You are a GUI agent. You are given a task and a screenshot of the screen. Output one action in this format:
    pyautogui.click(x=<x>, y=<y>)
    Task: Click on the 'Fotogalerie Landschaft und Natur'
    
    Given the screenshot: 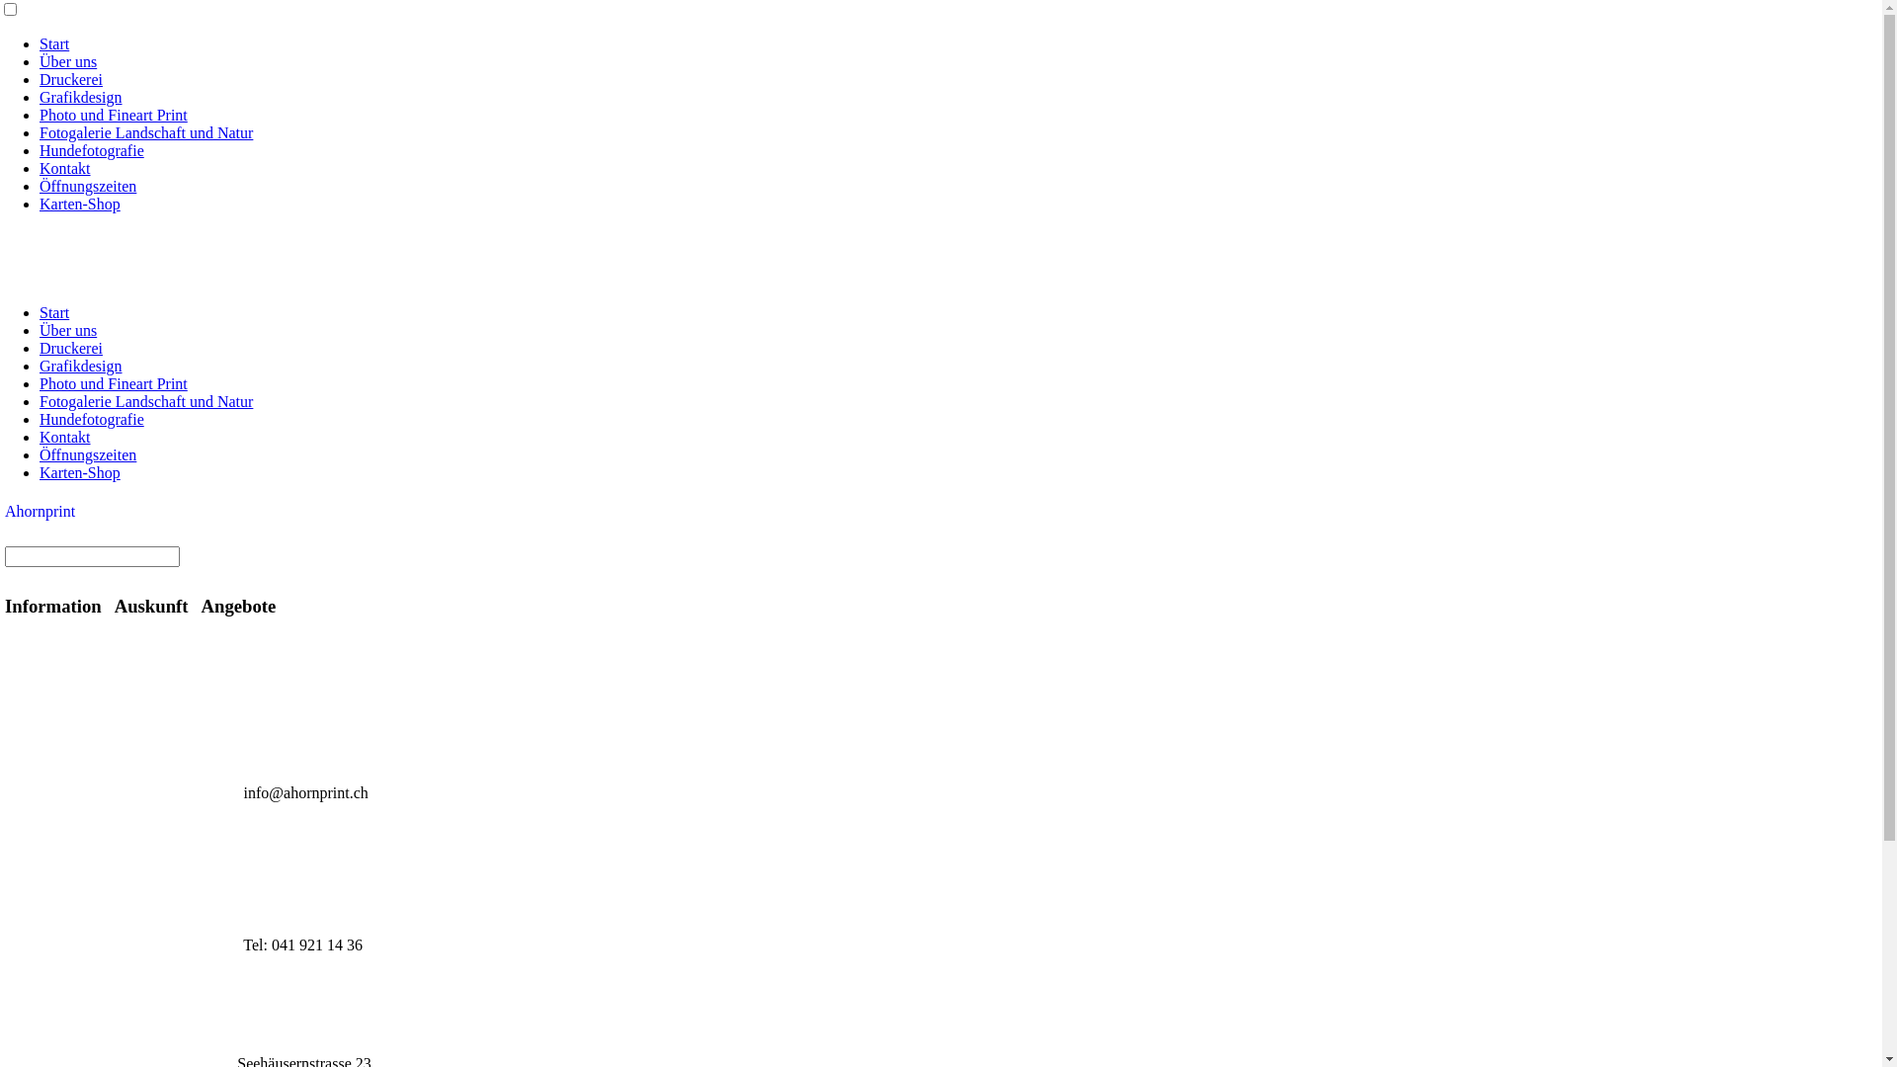 What is the action you would take?
    pyautogui.click(x=145, y=132)
    